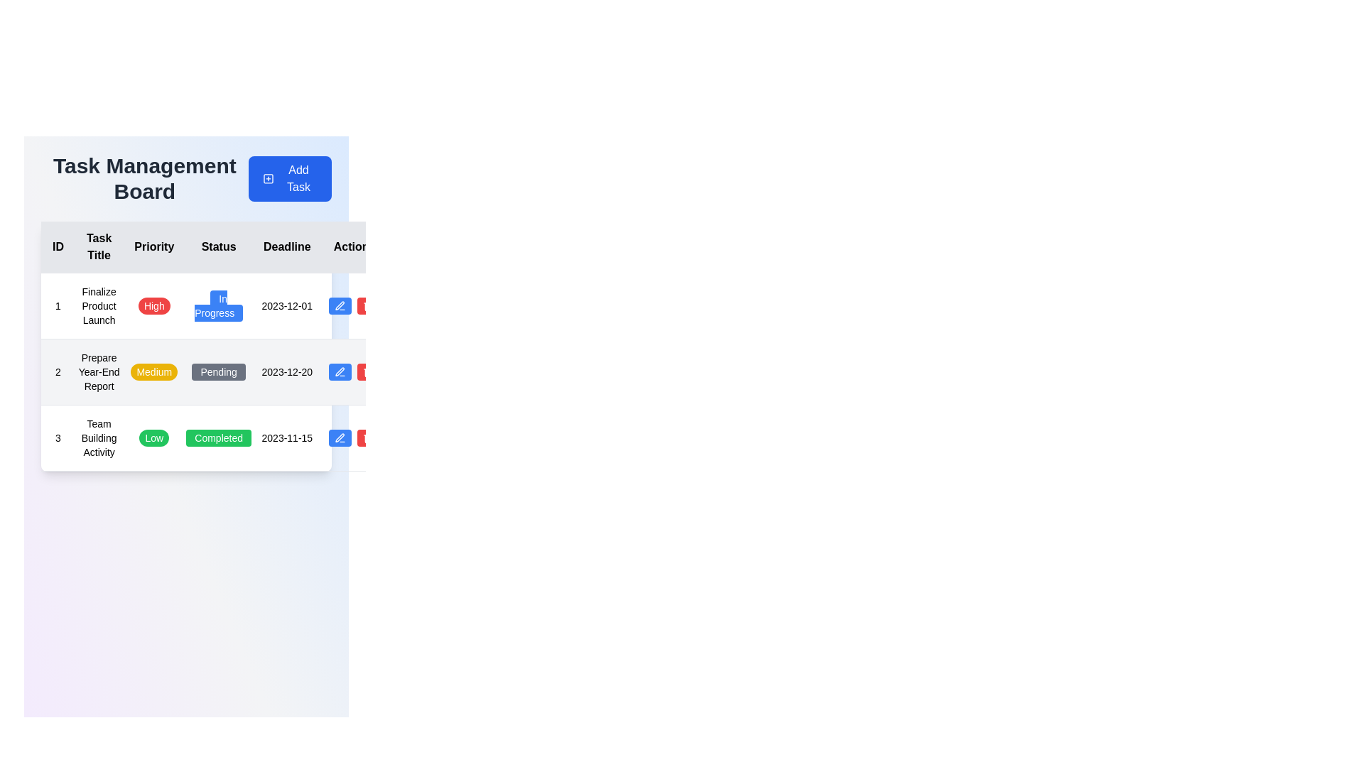 This screenshot has height=767, width=1364. What do you see at coordinates (354, 371) in the screenshot?
I see `the edit button located in the 'Action' column of the task table for the task titled 'Prepare Year-End Report'` at bounding box center [354, 371].